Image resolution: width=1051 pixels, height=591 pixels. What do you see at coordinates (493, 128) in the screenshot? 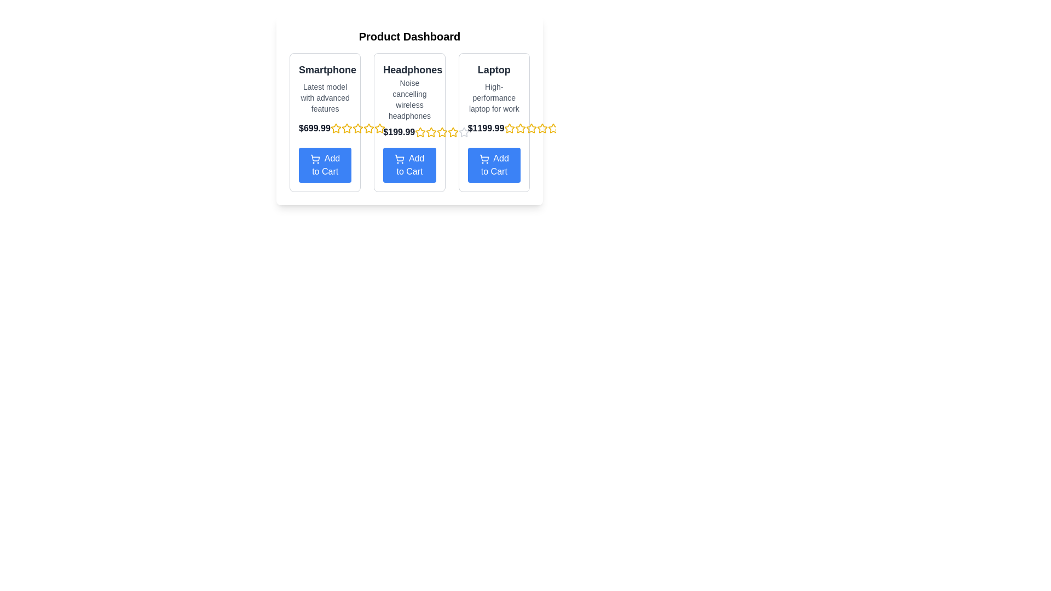
I see `the price label displaying '$1199.99', which is bold and dark-gray, located under the product description 'High-performance laptop for work' and above the 'Add to Cart' button` at bounding box center [493, 128].